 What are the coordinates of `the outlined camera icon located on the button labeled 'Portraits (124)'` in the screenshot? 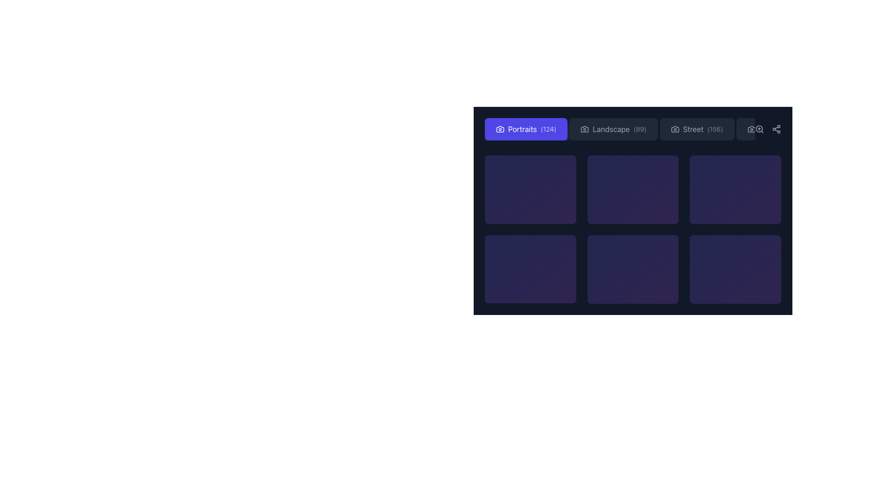 It's located at (499, 129).